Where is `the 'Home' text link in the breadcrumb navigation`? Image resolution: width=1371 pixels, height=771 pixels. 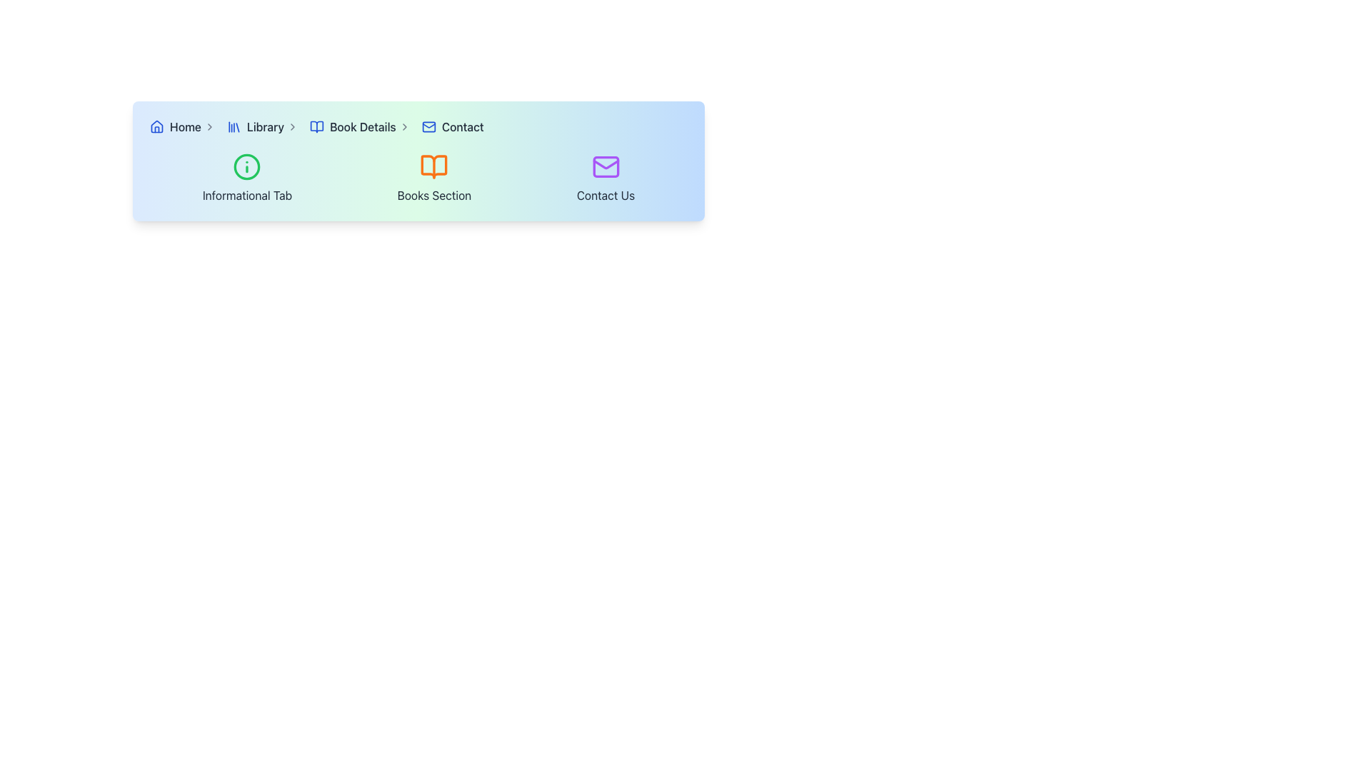
the 'Home' text link in the breadcrumb navigation is located at coordinates (184, 126).